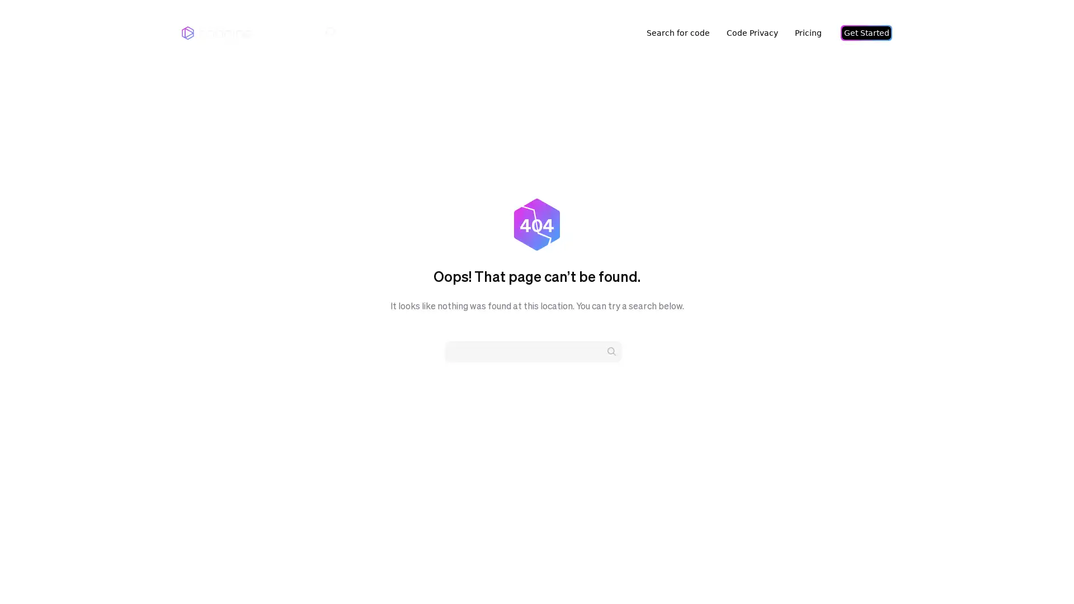  Describe the element at coordinates (1040, 574) in the screenshot. I see `Open` at that location.